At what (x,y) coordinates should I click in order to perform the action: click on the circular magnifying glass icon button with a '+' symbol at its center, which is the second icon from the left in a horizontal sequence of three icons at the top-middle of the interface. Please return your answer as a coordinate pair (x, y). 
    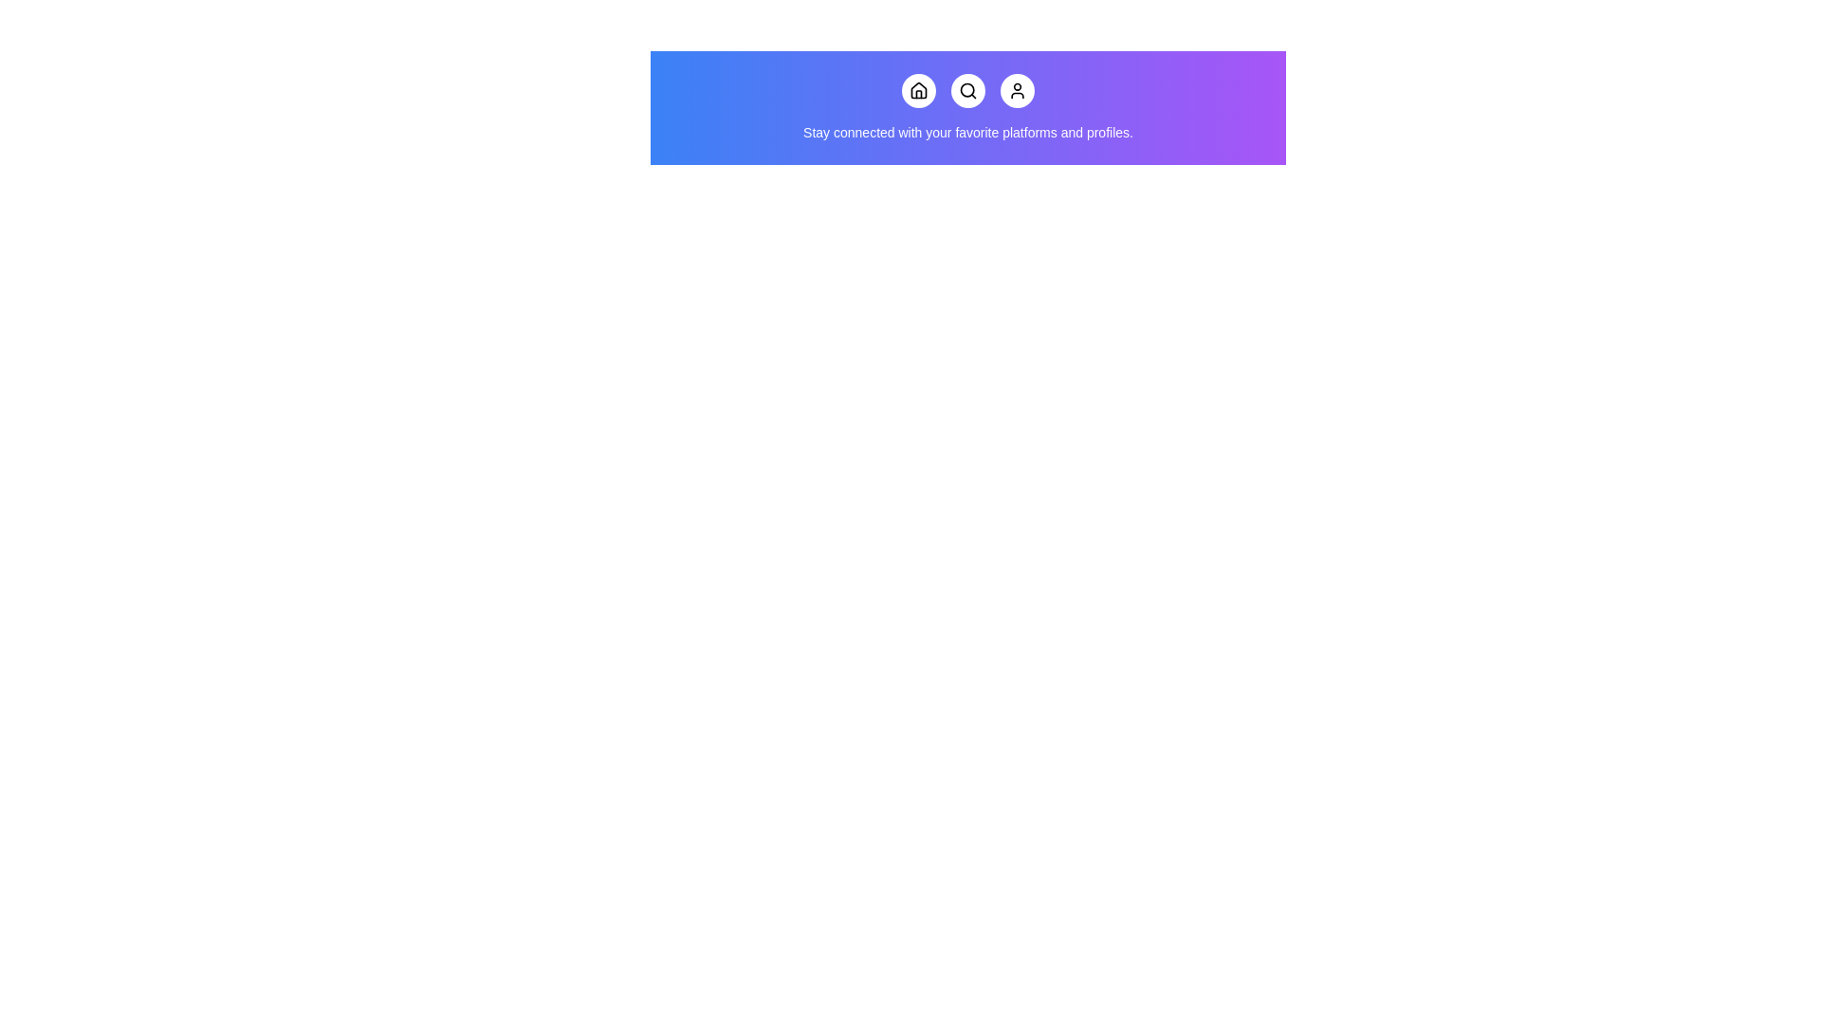
    Looking at the image, I should click on (968, 91).